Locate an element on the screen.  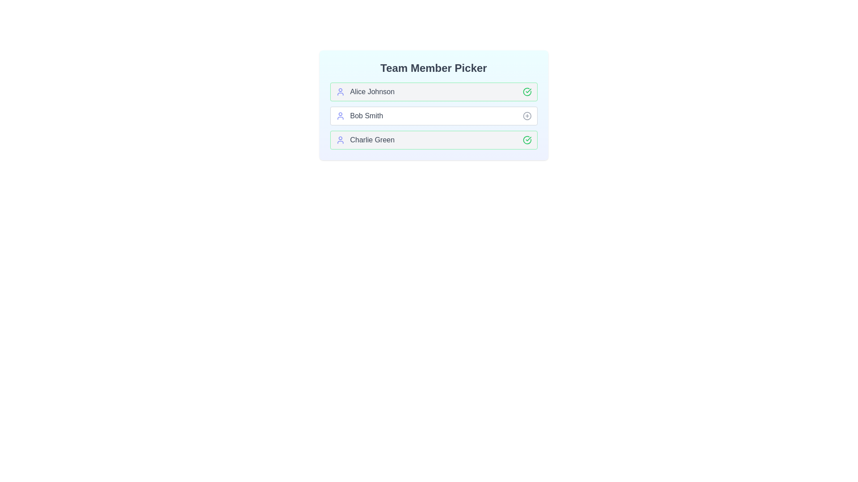
the team member identified by Charlie Green is located at coordinates (527, 140).